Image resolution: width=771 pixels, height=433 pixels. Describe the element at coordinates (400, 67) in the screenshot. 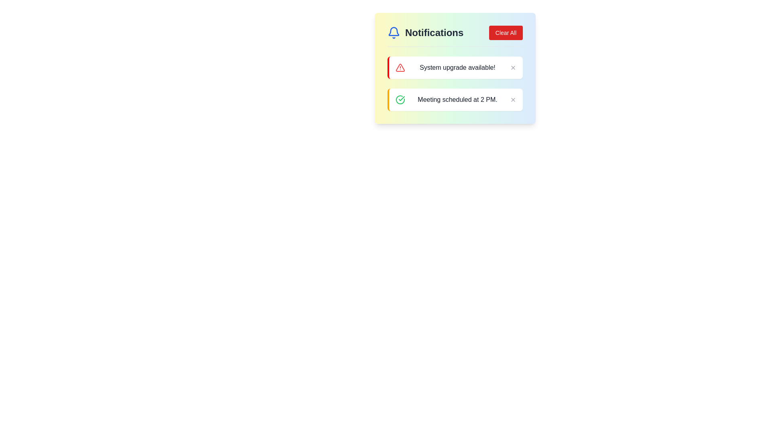

I see `the warning icon within the first notification card that has a prominent red border and an alert title` at that location.